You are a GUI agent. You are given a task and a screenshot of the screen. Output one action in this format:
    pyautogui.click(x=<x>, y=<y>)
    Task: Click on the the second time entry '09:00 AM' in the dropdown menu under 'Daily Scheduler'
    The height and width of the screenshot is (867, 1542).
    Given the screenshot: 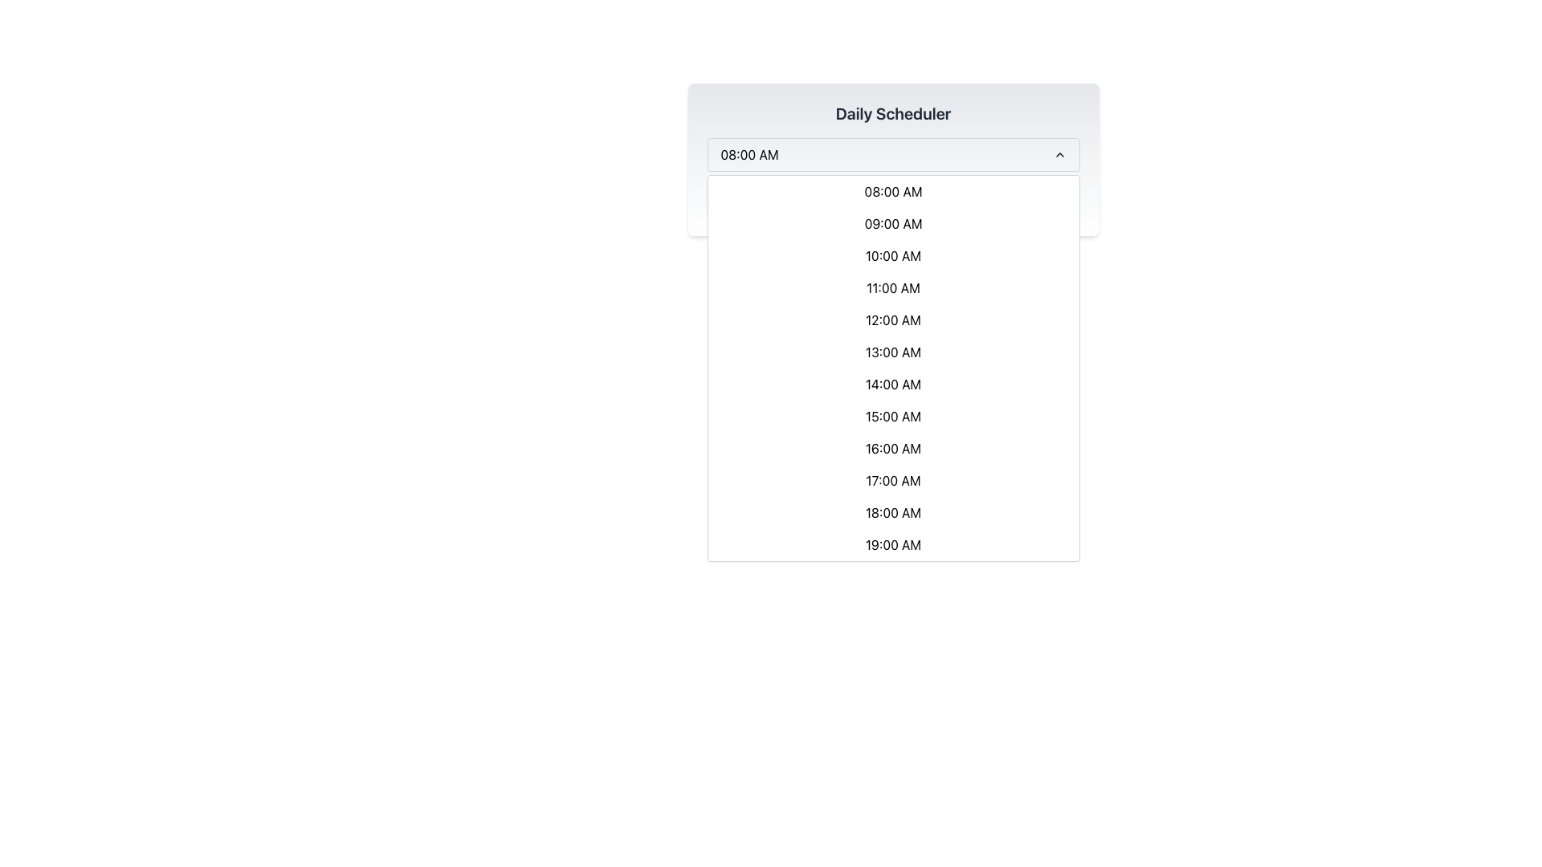 What is the action you would take?
    pyautogui.click(x=892, y=223)
    